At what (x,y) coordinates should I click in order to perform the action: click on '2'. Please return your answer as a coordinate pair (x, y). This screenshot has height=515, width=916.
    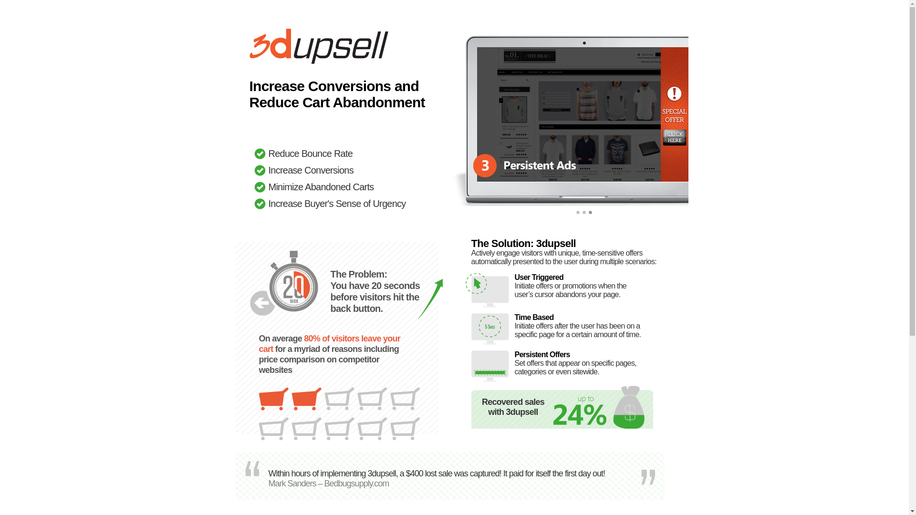
    Looking at the image, I should click on (583, 215).